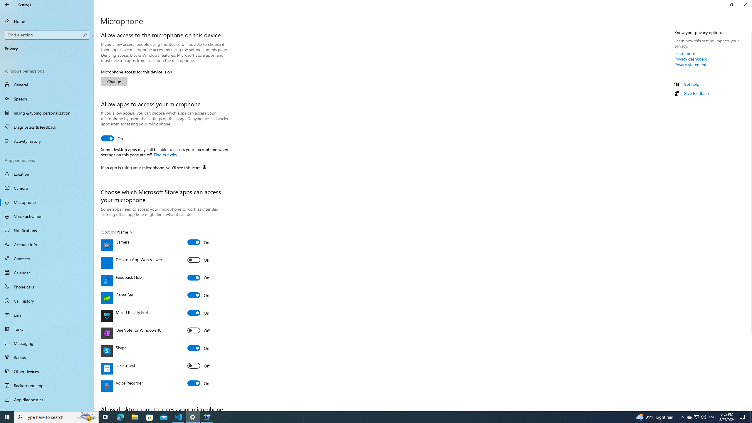 The image size is (752, 423). What do you see at coordinates (47, 230) in the screenshot?
I see `'Notifications'` at bounding box center [47, 230].